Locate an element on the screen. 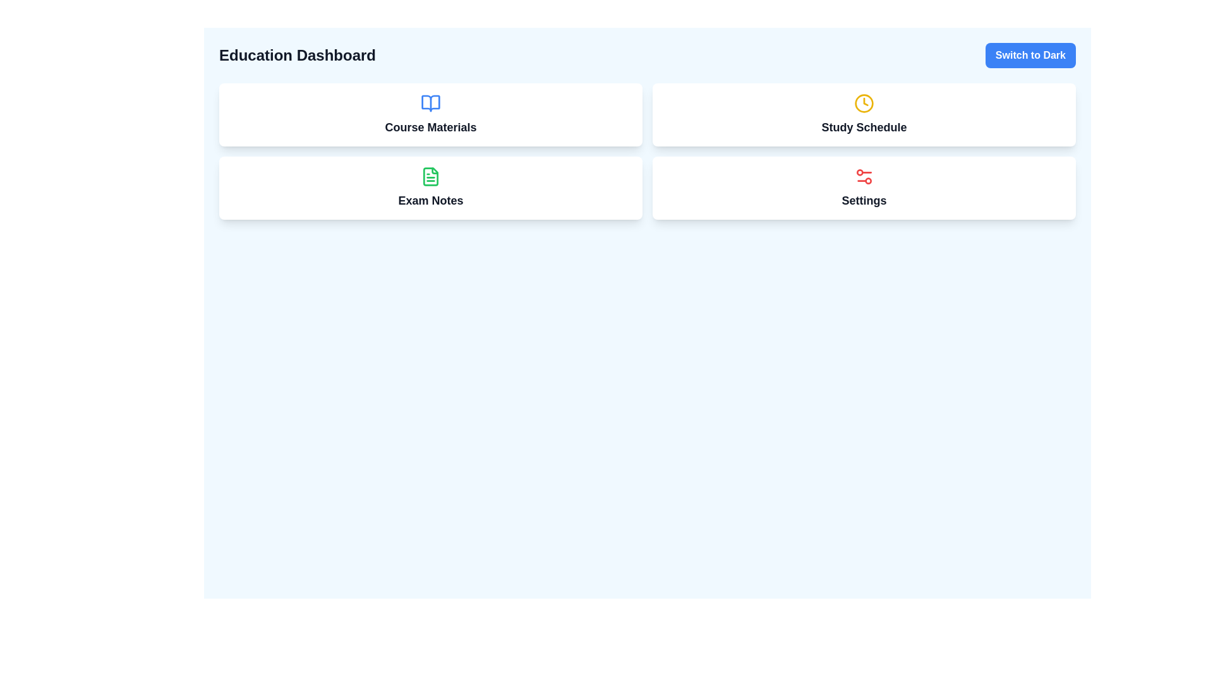 The height and width of the screenshot is (682, 1213). the 'Switch to Dark' button, which is a blue rectangular button with rounded corners and white bold text is located at coordinates (1030, 55).